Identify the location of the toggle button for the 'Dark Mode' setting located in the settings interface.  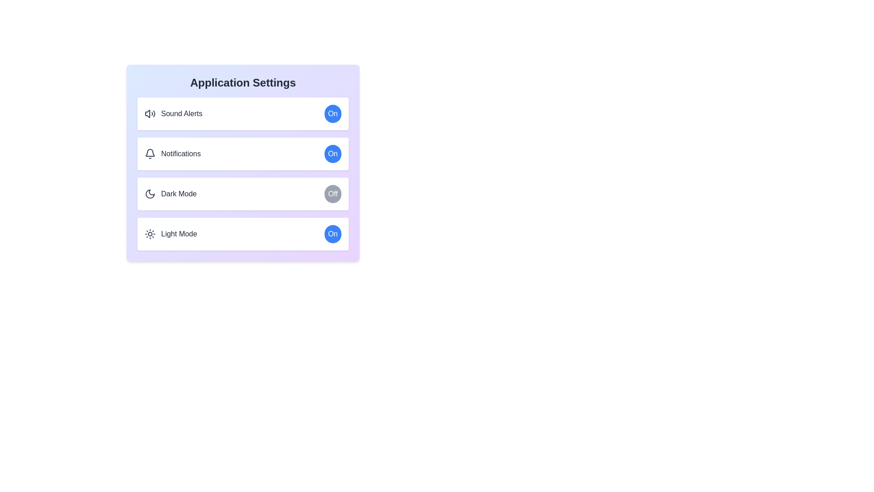
(332, 193).